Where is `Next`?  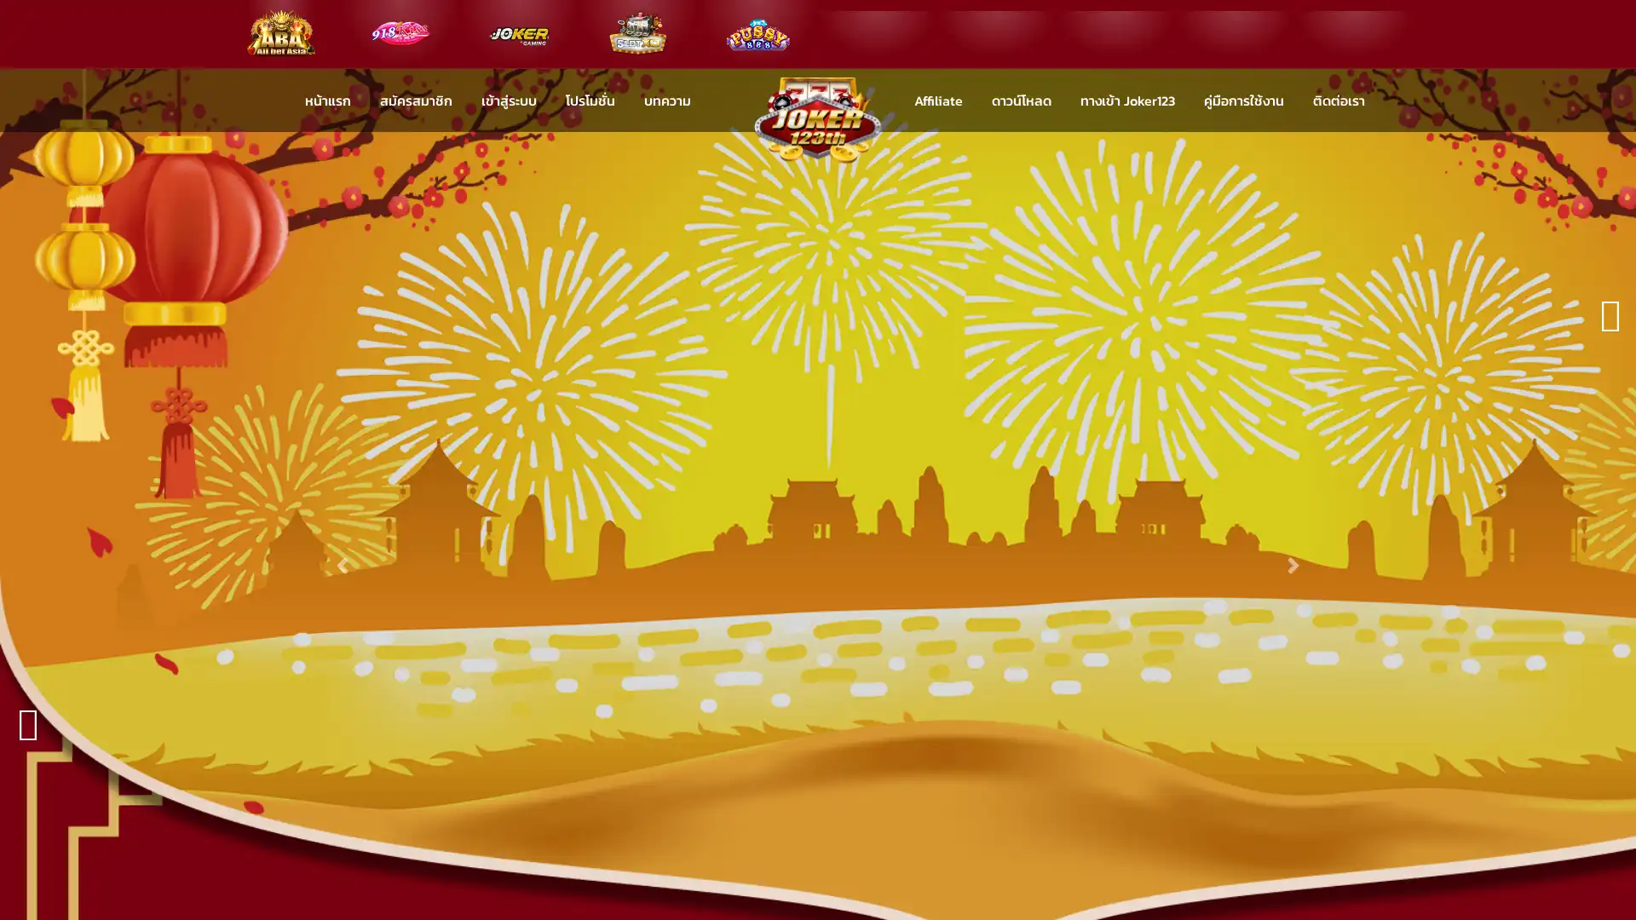
Next is located at coordinates (1293, 472).